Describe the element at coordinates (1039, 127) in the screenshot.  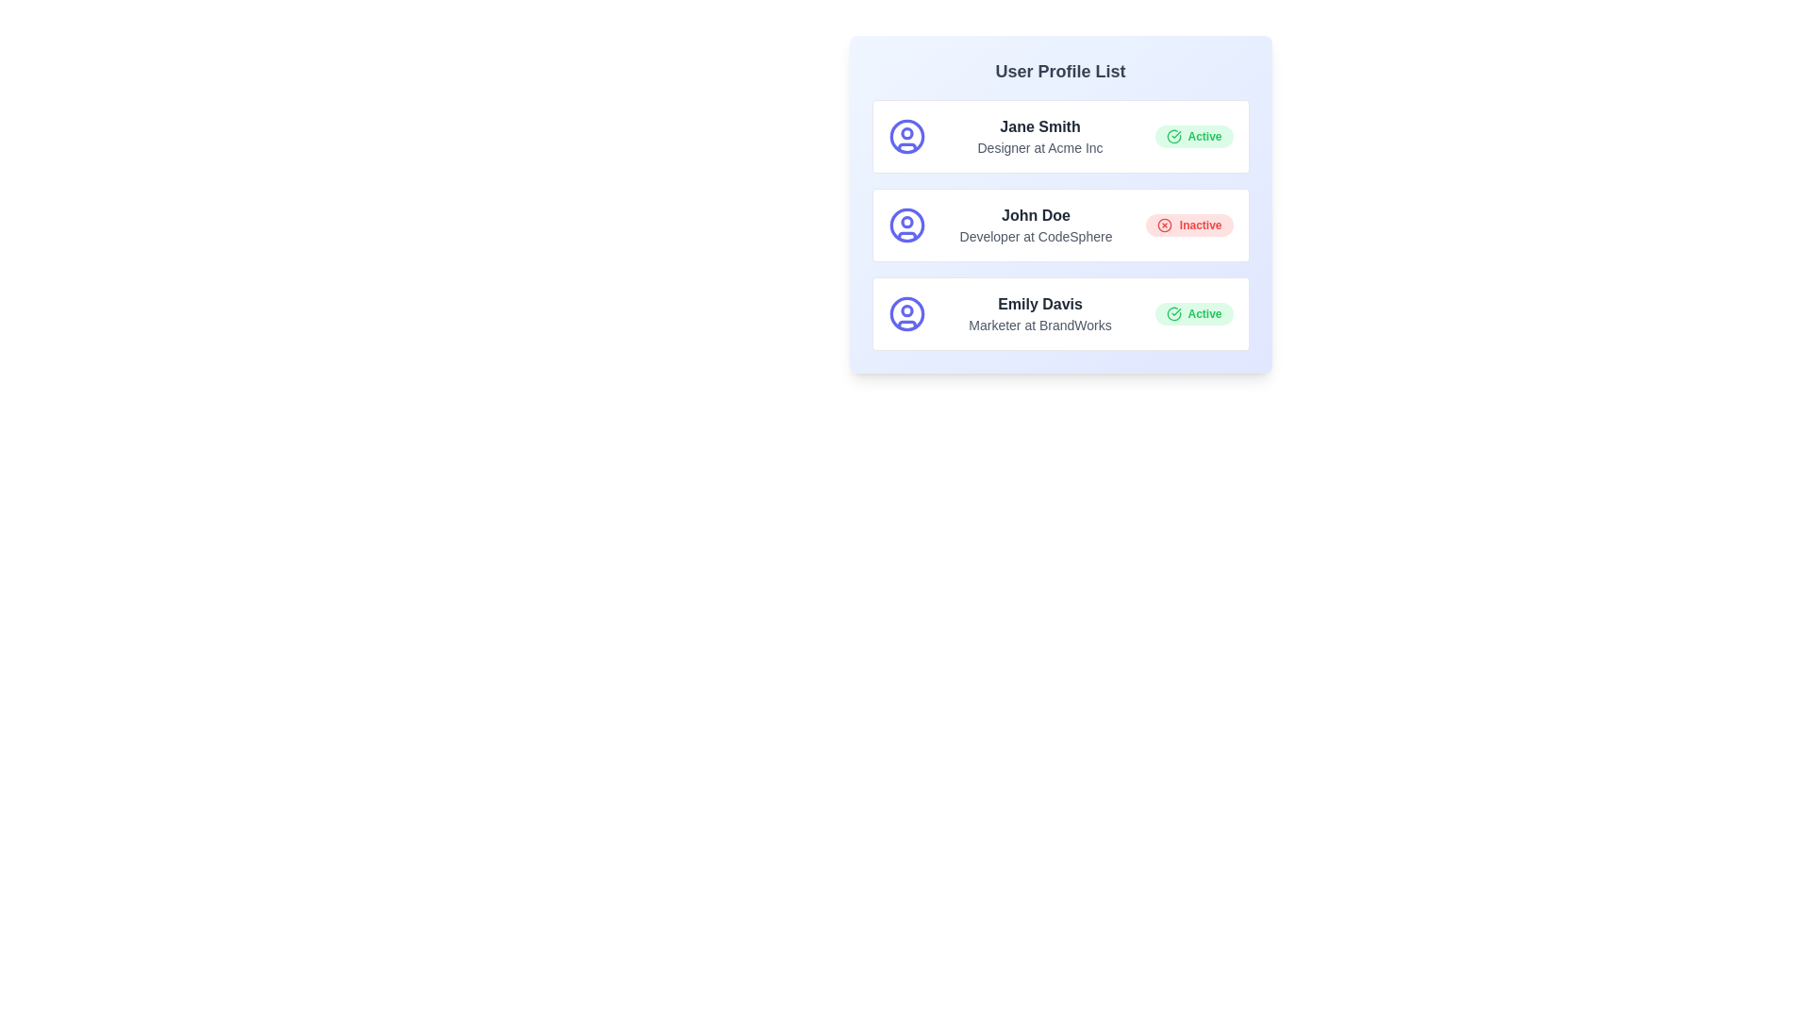
I see `the user name Jane Smith by clicking on it` at that location.